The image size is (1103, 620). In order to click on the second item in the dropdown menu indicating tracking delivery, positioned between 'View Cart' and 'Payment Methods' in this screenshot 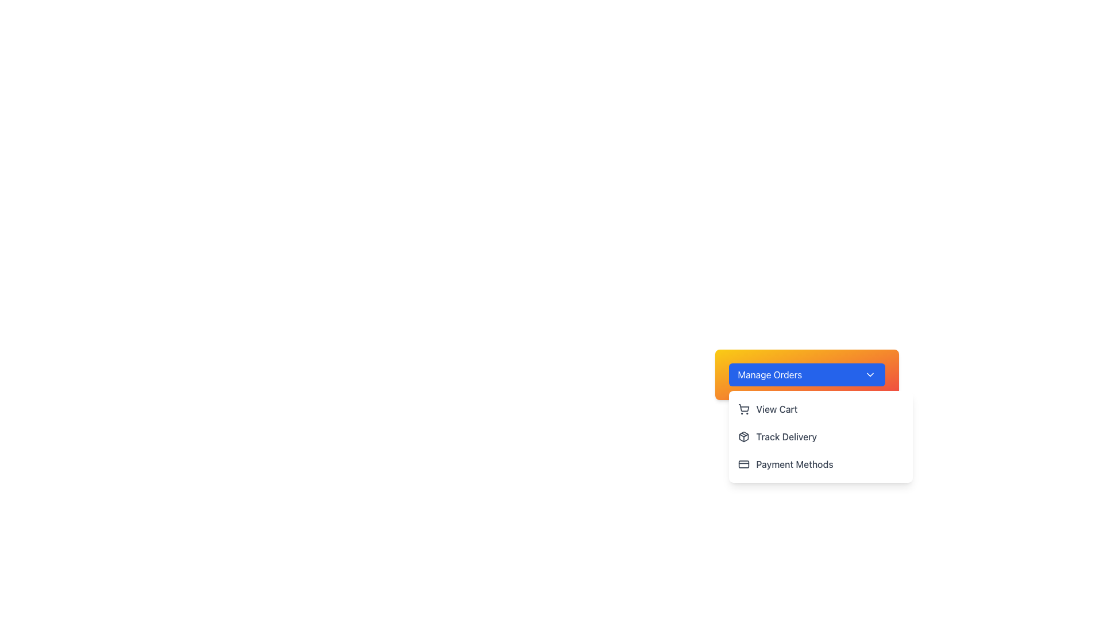, I will do `click(786, 436)`.